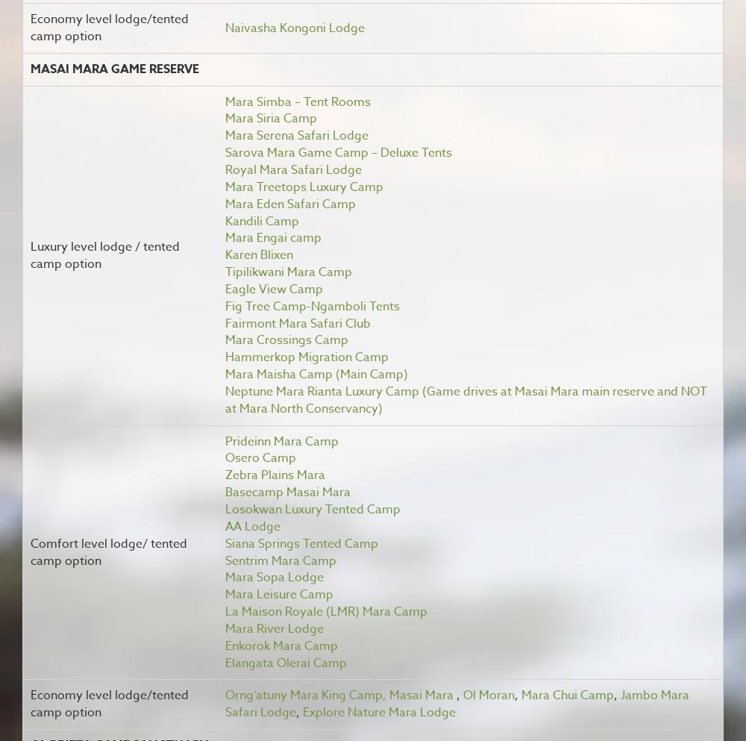 The width and height of the screenshot is (746, 741). What do you see at coordinates (316, 374) in the screenshot?
I see `'Mara Maisha Camp (Main Camp)'` at bounding box center [316, 374].